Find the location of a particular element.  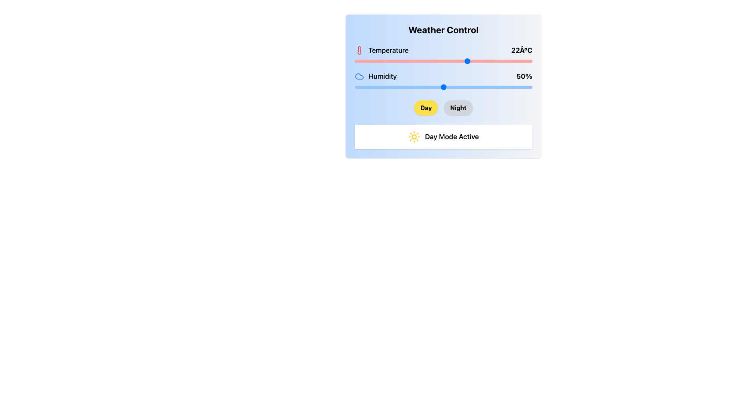

the humidity level is located at coordinates (423, 86).